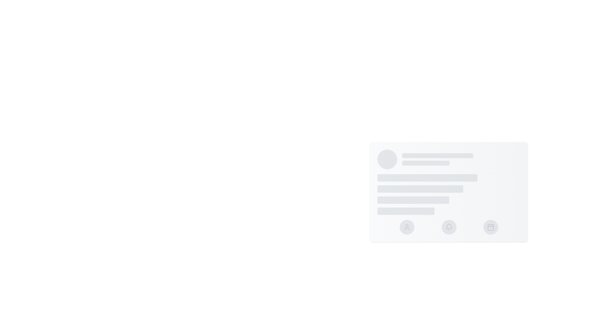  I want to click on the Content Placeholder located centrally within the rectangular card, positioned below the header-like region, so click(449, 195).